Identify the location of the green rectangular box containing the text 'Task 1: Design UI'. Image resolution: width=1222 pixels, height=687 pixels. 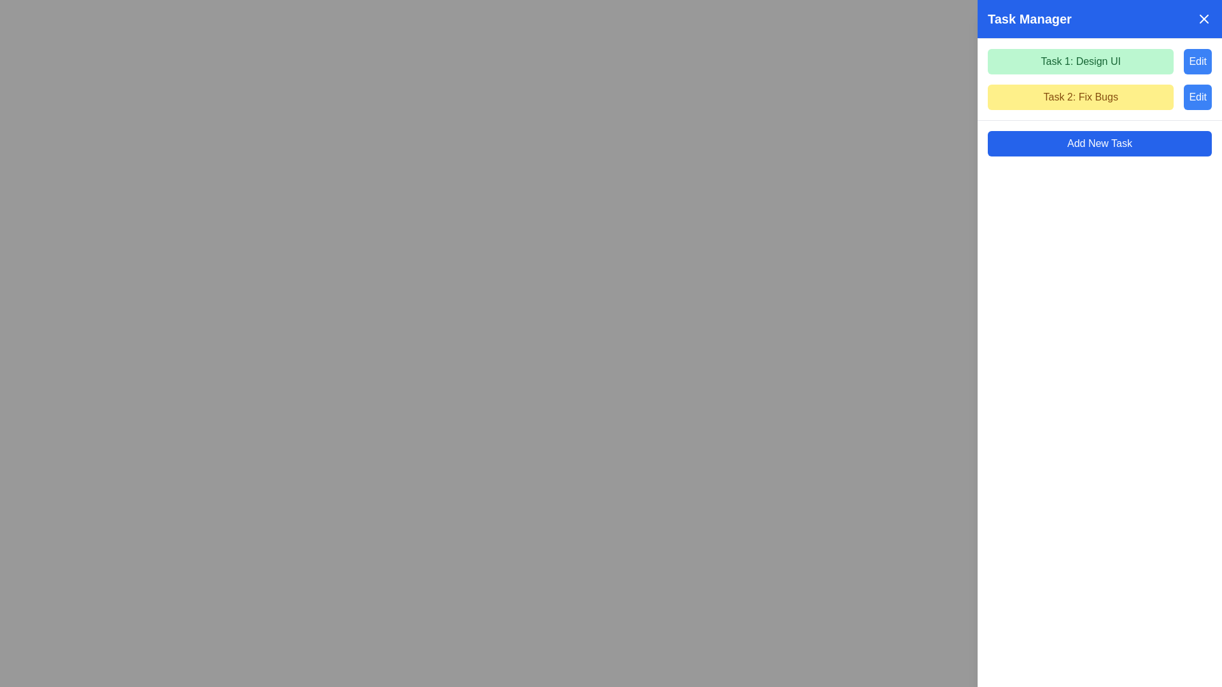
(1080, 61).